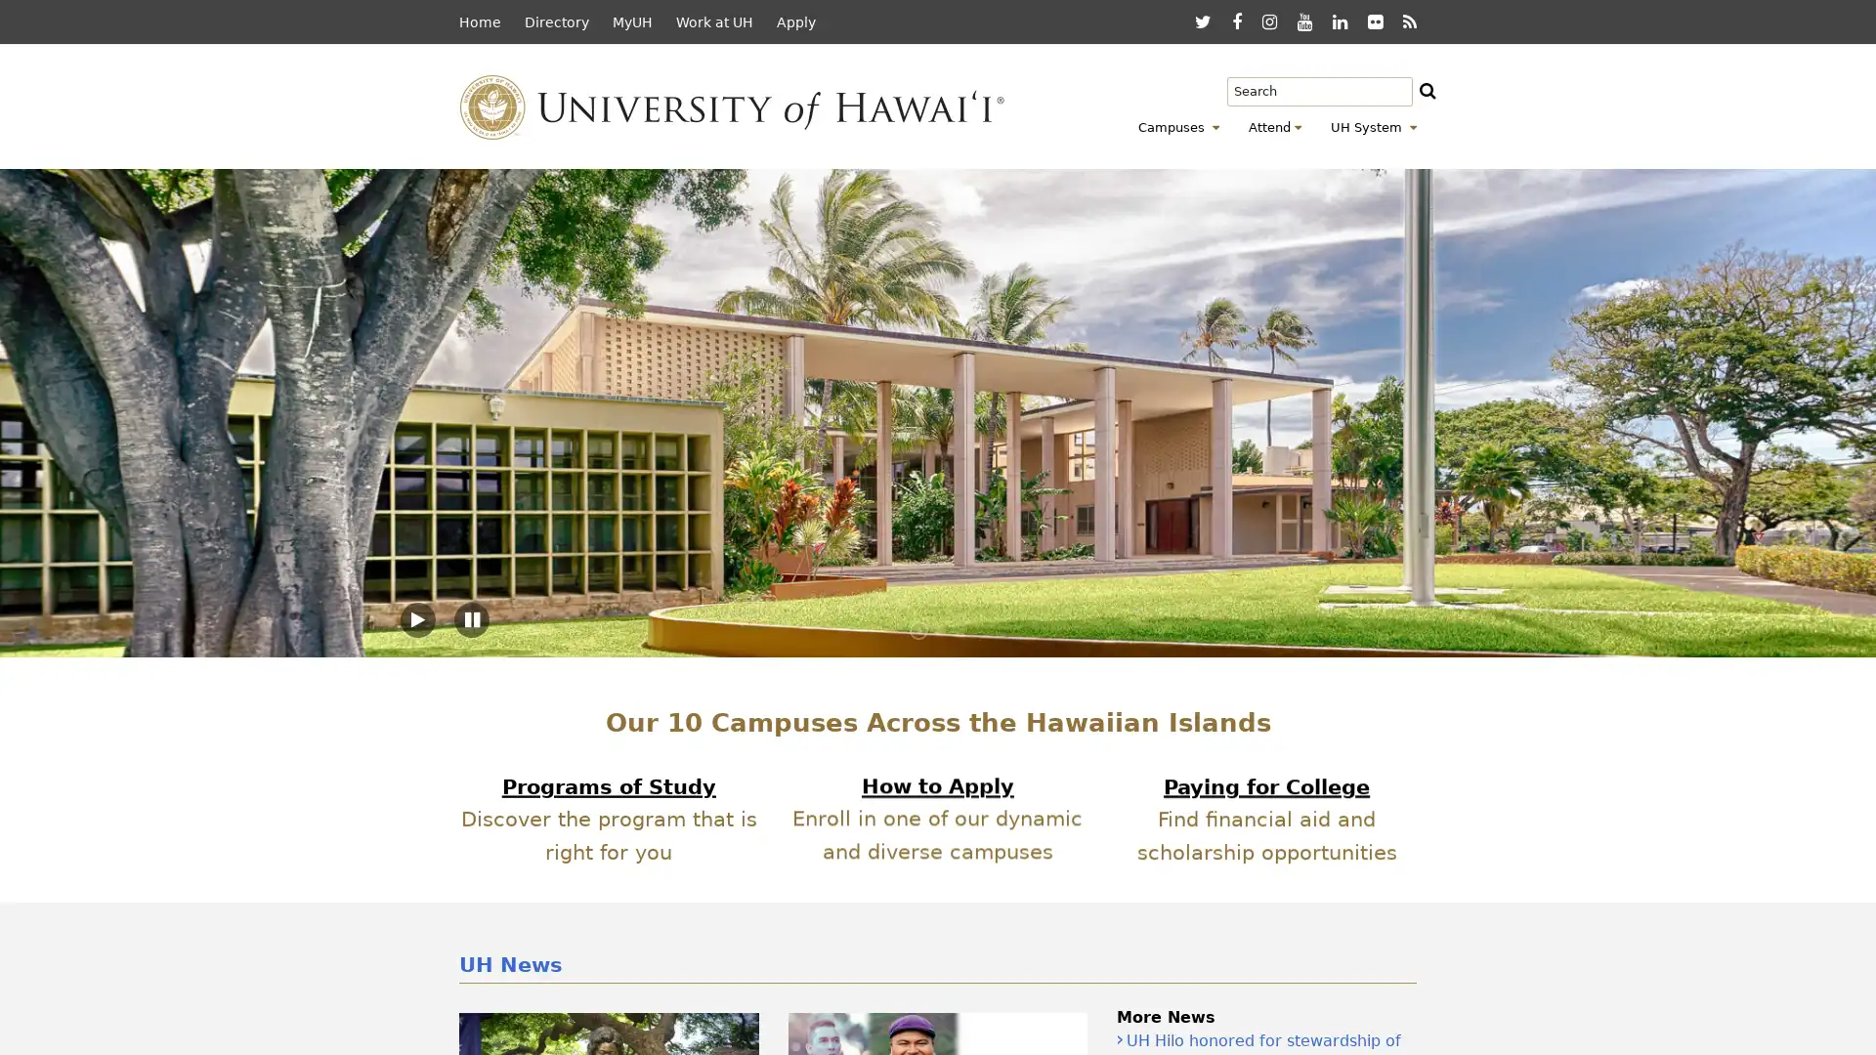 This screenshot has height=1055, width=1876. Describe the element at coordinates (416, 620) in the screenshot. I see `resume slides` at that location.